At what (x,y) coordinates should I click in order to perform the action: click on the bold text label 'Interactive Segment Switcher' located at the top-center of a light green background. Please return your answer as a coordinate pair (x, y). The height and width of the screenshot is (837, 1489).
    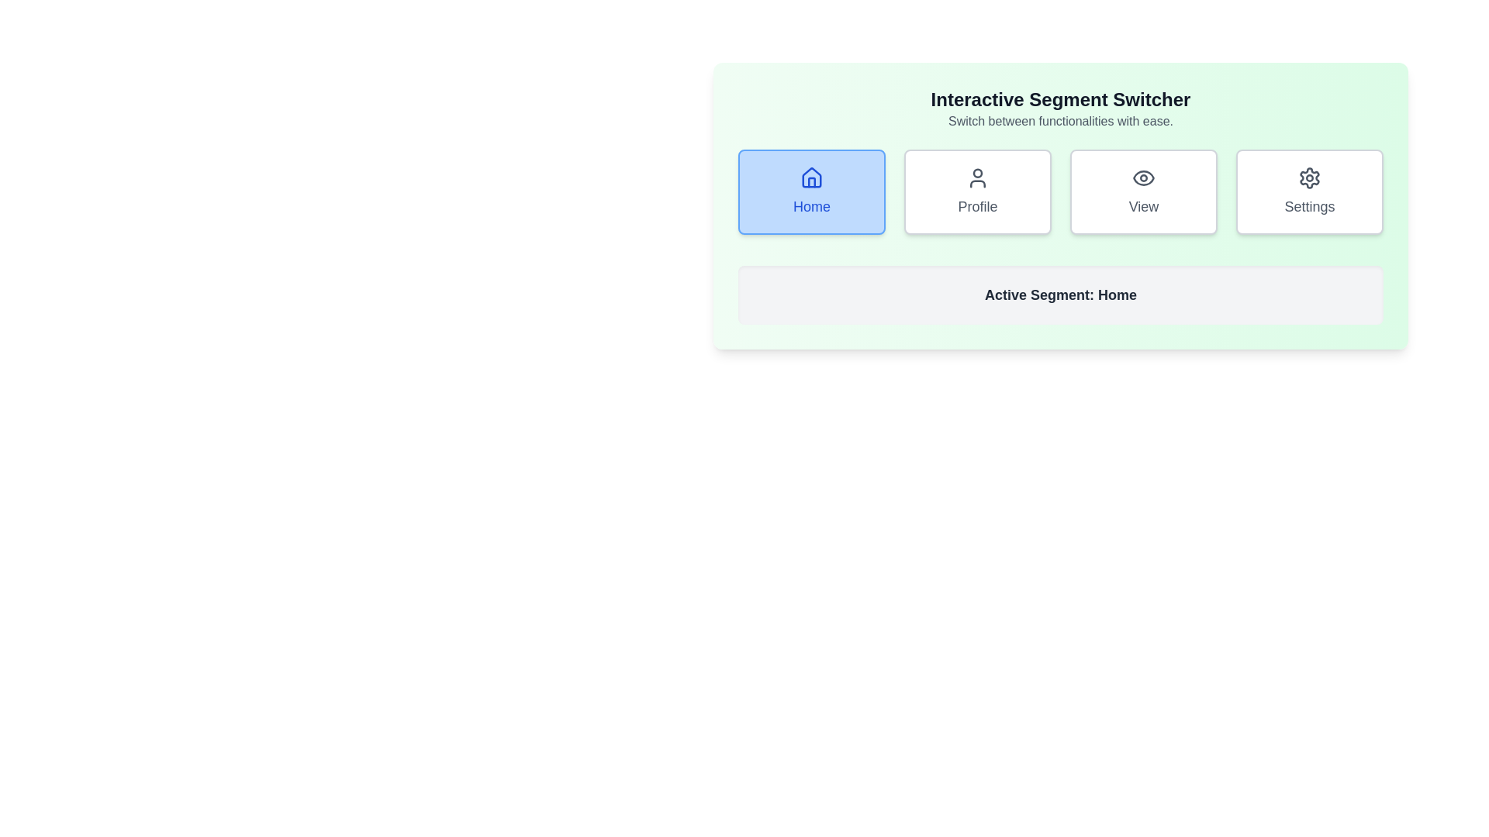
    Looking at the image, I should click on (1060, 99).